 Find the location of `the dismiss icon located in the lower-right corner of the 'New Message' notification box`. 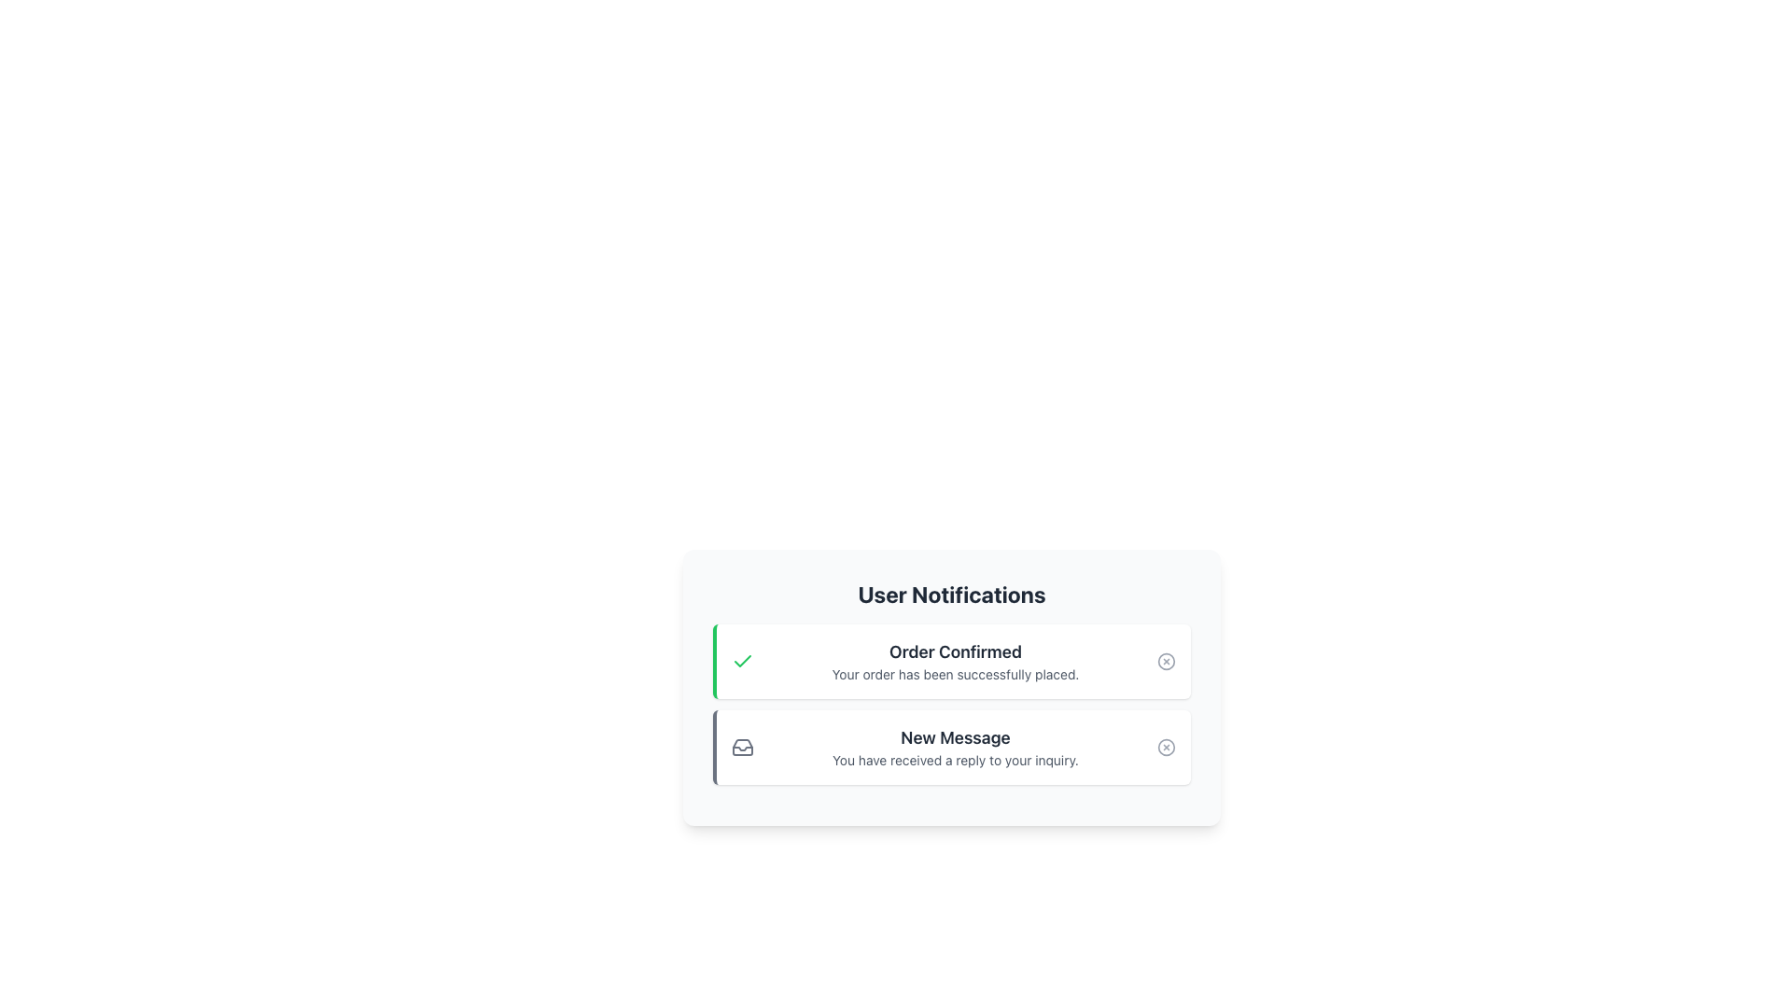

the dismiss icon located in the lower-right corner of the 'New Message' notification box is located at coordinates (1165, 747).